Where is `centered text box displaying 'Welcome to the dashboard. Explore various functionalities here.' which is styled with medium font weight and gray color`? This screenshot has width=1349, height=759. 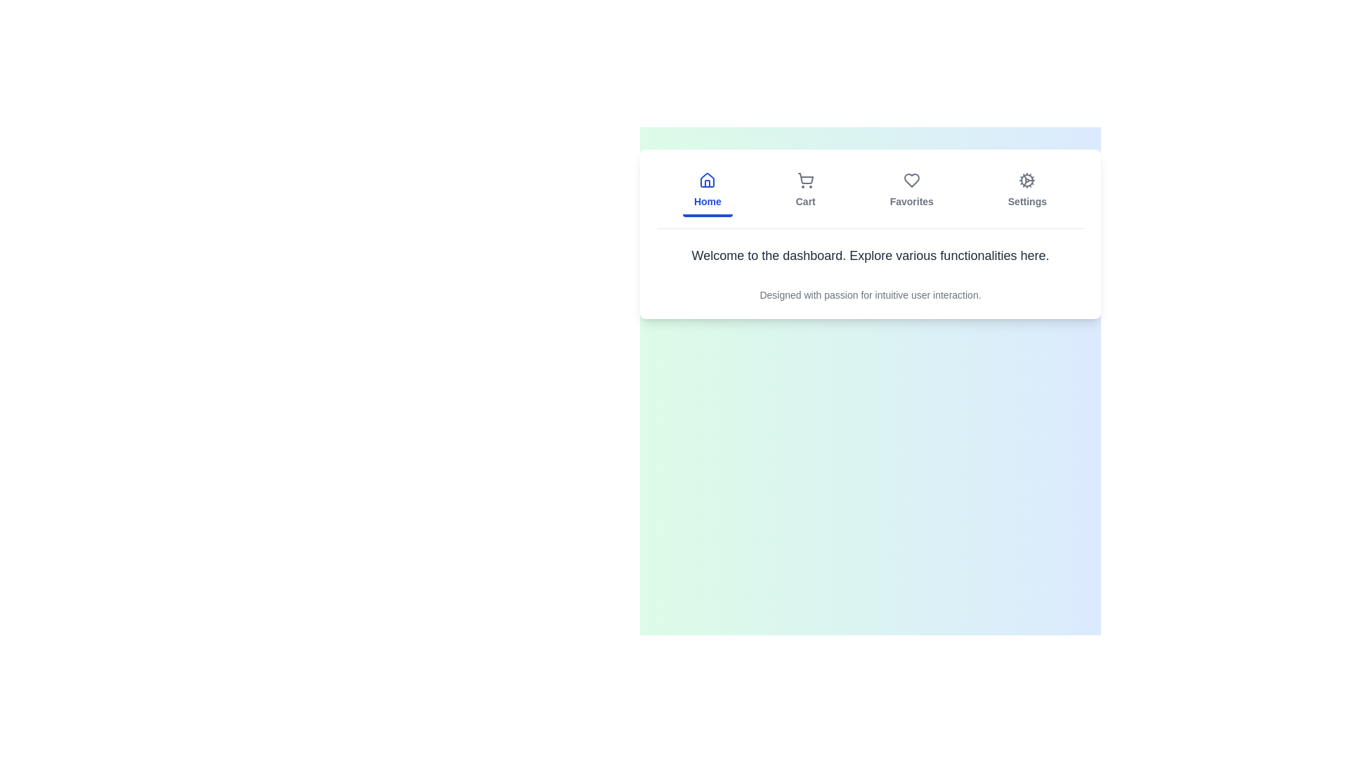 centered text box displaying 'Welcome to the dashboard. Explore various functionalities here.' which is styled with medium font weight and gray color is located at coordinates (869, 255).